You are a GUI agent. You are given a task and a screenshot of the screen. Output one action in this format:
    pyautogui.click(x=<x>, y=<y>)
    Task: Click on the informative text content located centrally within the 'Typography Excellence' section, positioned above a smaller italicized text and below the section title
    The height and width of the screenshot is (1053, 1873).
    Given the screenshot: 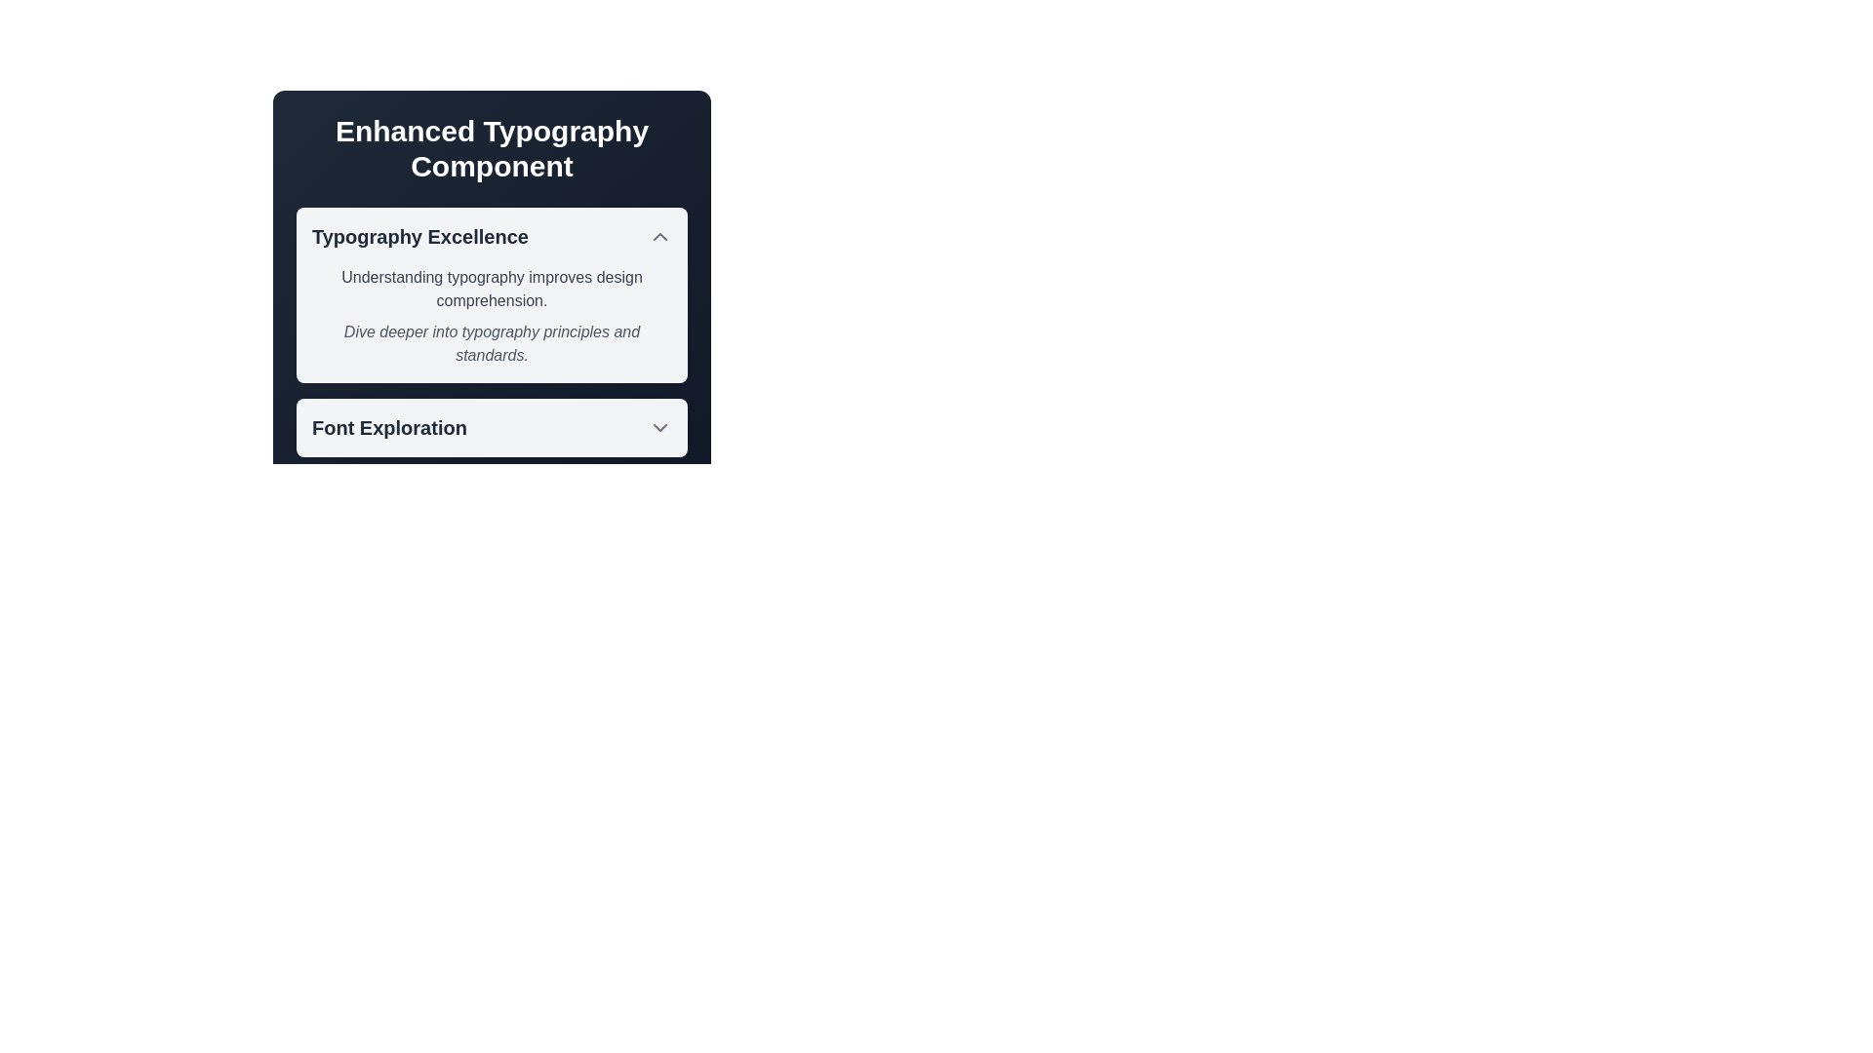 What is the action you would take?
    pyautogui.click(x=492, y=290)
    